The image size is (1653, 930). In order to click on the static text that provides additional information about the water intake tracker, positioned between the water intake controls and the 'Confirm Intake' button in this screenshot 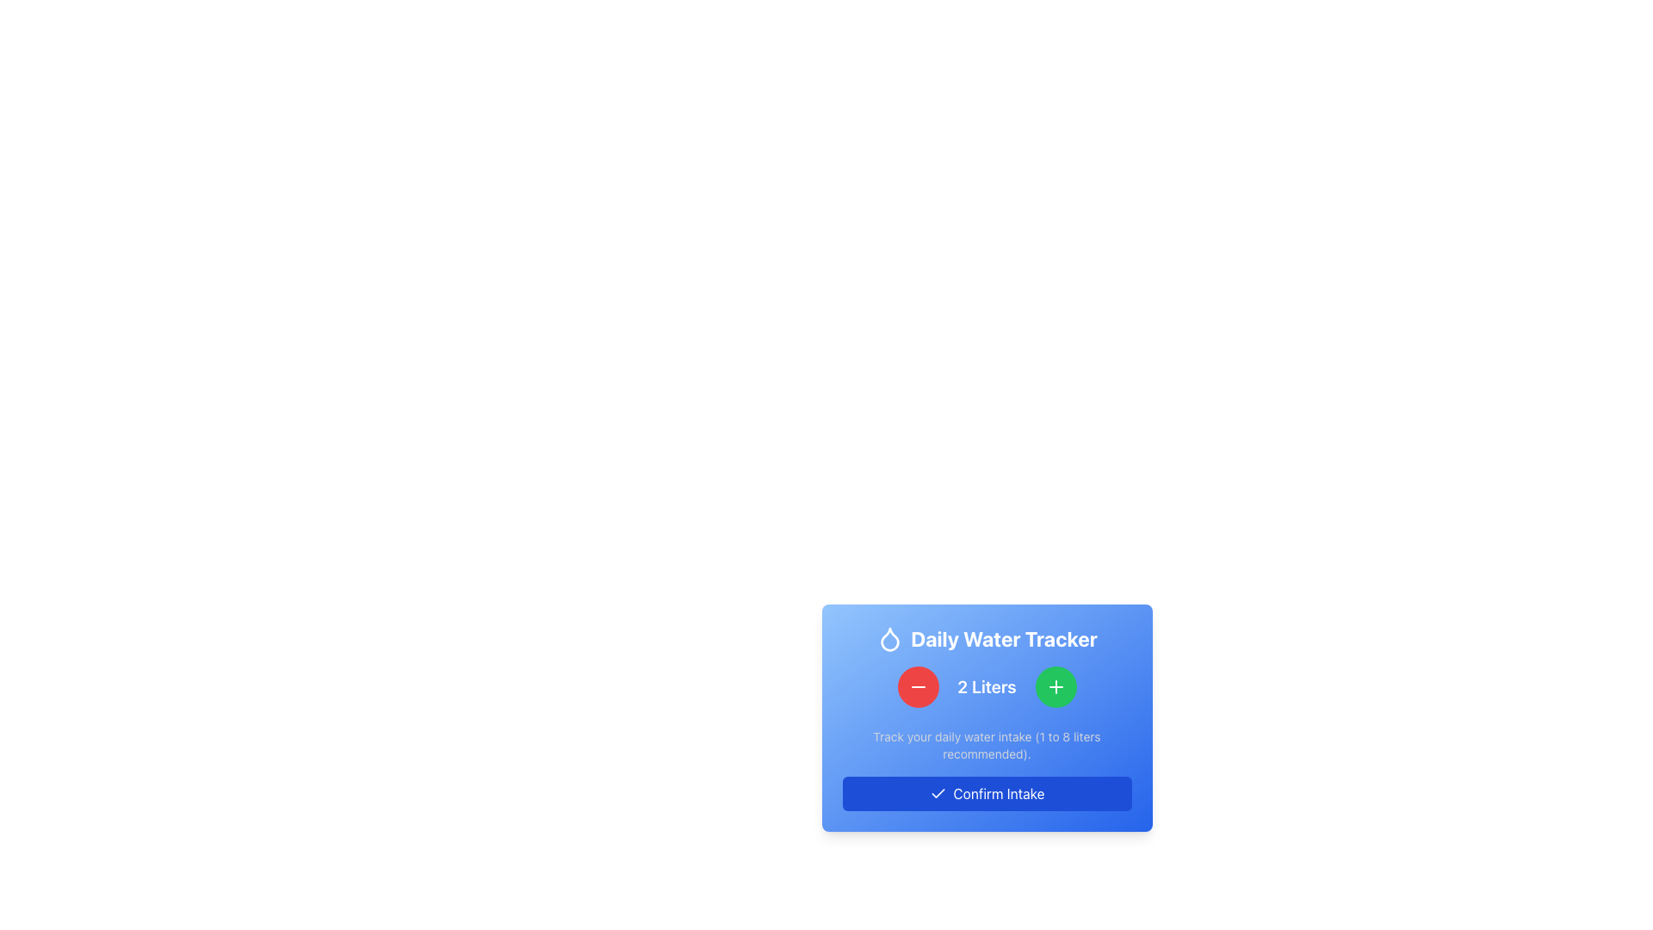, I will do `click(987, 745)`.